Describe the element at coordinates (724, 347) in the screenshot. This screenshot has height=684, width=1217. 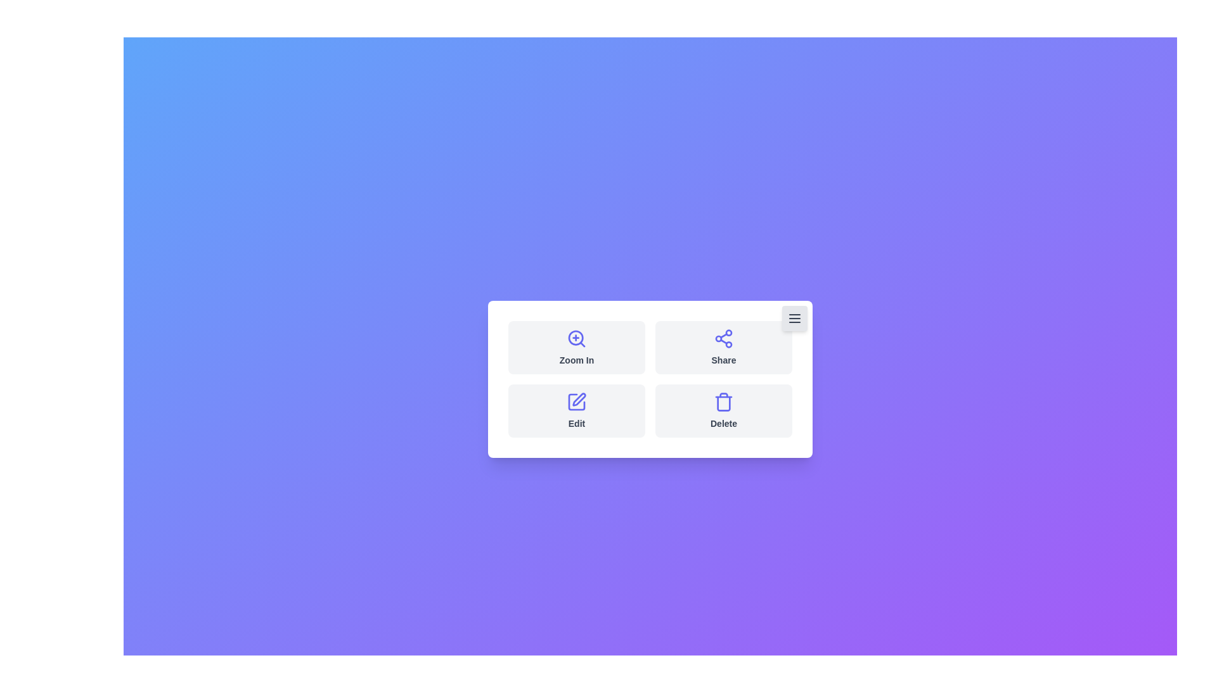
I see `the 'Share' button` at that location.